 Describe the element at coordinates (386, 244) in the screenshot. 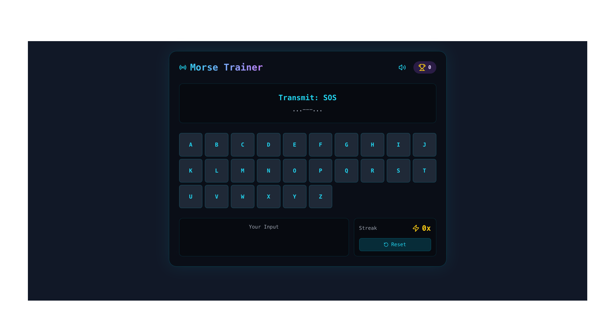

I see `the 'Reset' button that contains the icon indicating reset functionality, located at the bottom right corner of the interface` at that location.